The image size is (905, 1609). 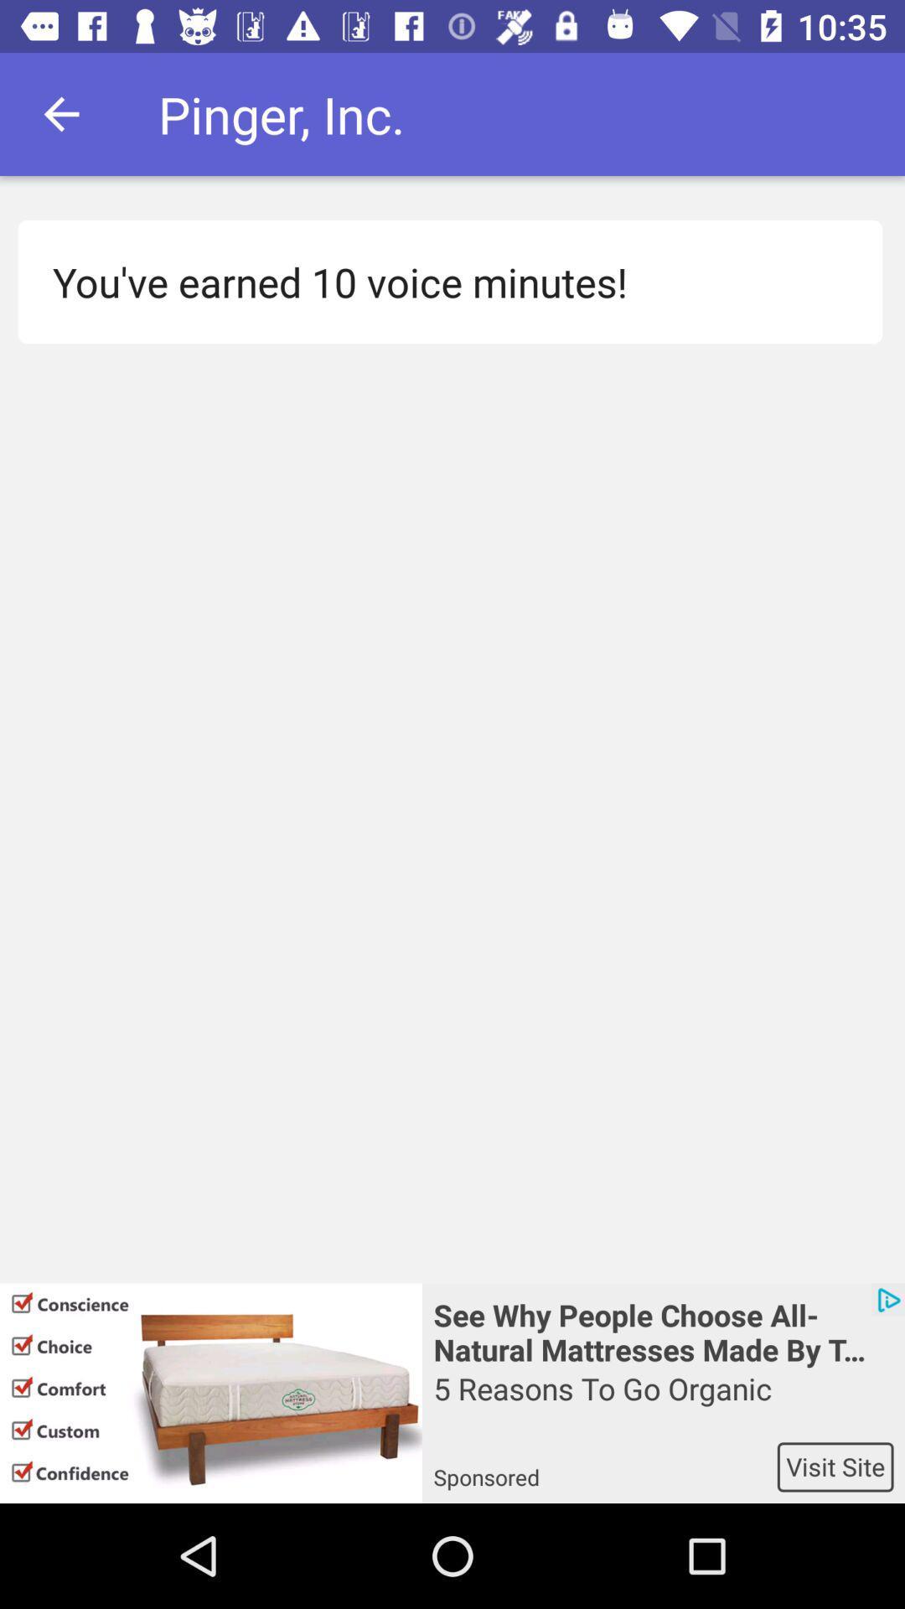 I want to click on you ve earned, so click(x=440, y=282).